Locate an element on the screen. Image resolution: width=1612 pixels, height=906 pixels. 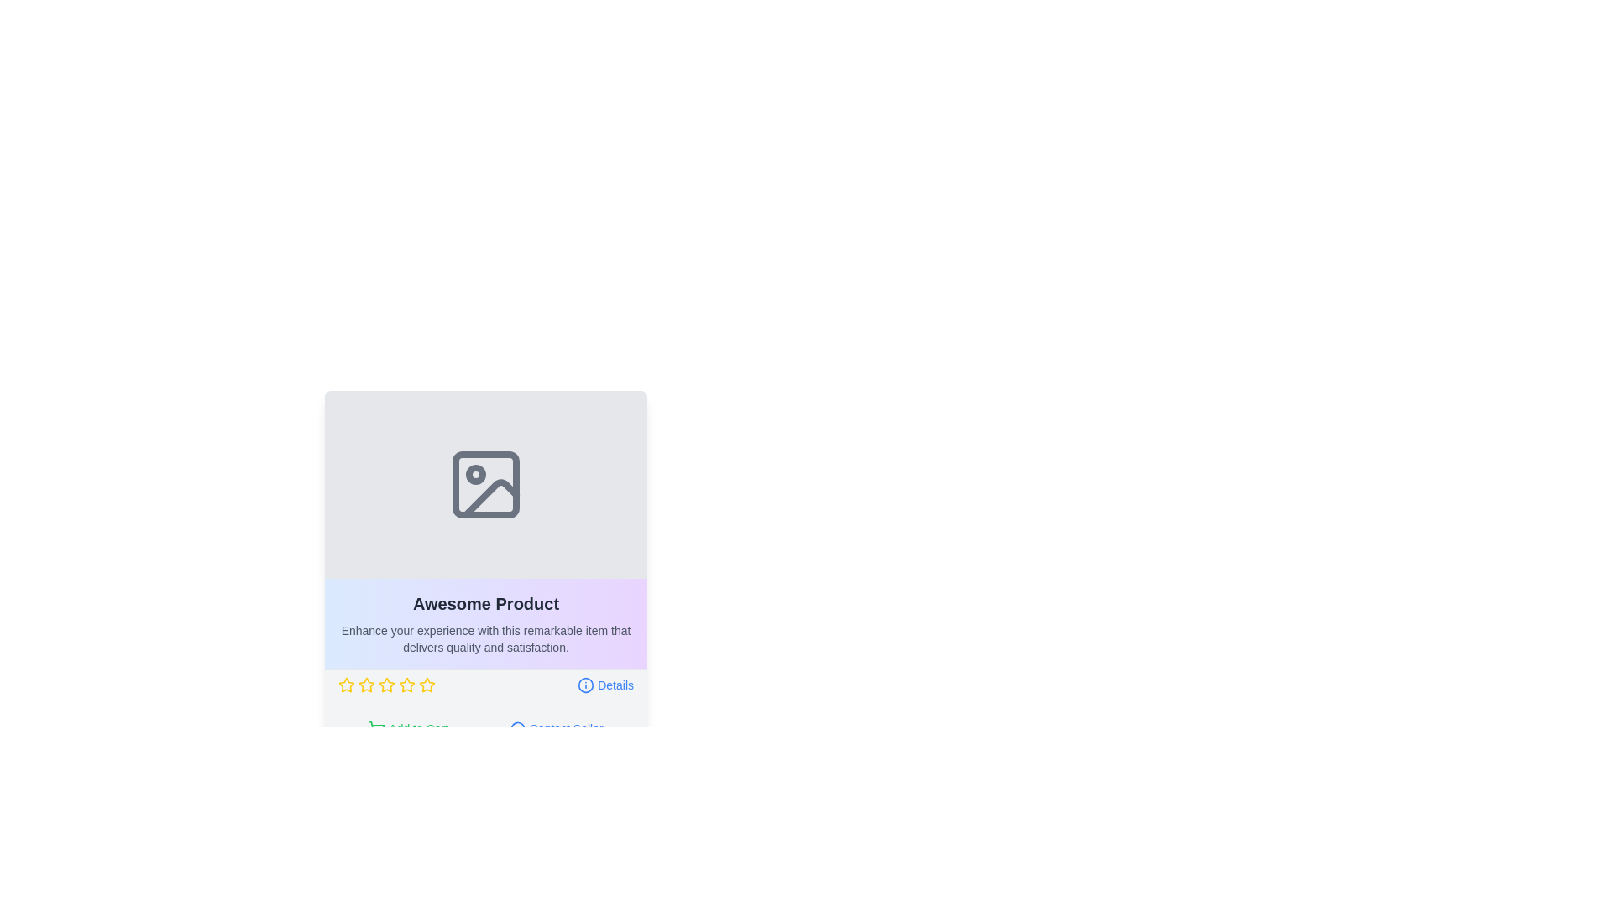
the third rating star is located at coordinates (365, 685).